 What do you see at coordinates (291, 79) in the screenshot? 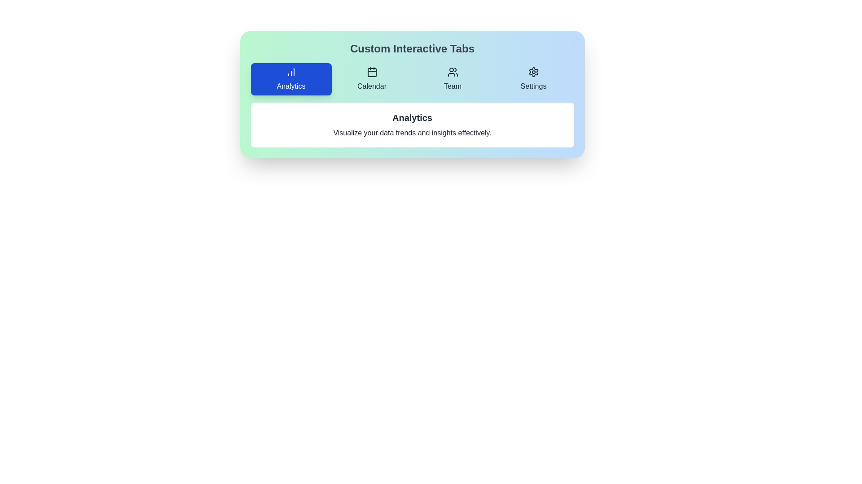
I see `the 'Analytics' tab selection button` at bounding box center [291, 79].